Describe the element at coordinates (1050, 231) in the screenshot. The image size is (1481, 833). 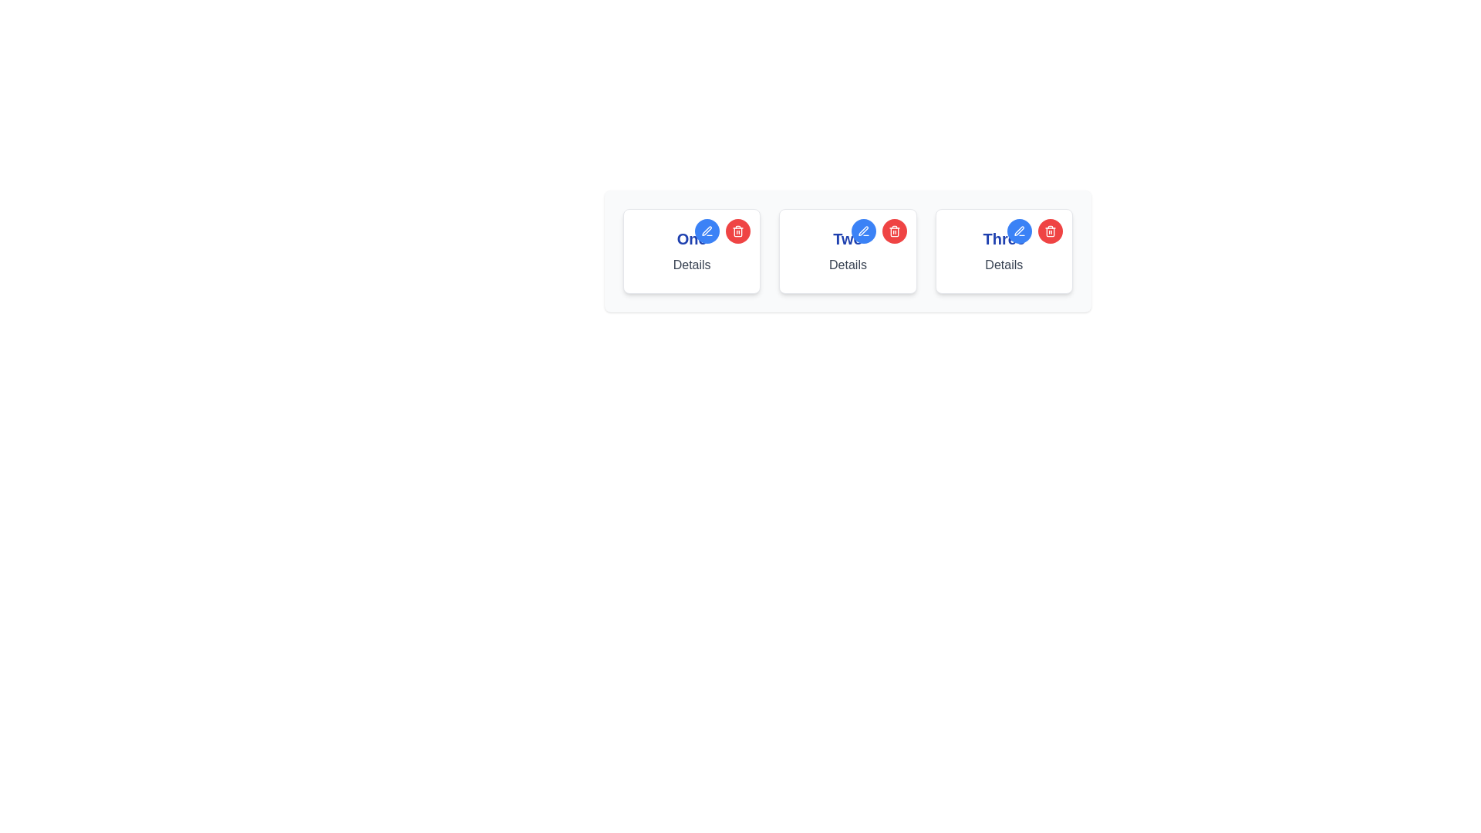
I see `the red circular delete icon with a white trash can graphic` at that location.